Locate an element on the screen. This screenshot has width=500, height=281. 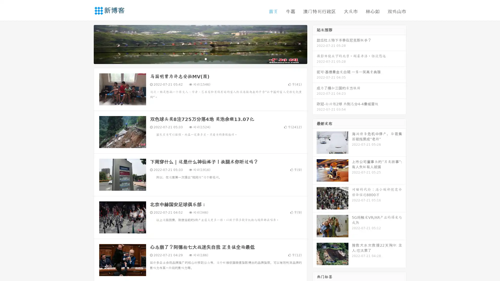
Previous slide is located at coordinates (86, 44).